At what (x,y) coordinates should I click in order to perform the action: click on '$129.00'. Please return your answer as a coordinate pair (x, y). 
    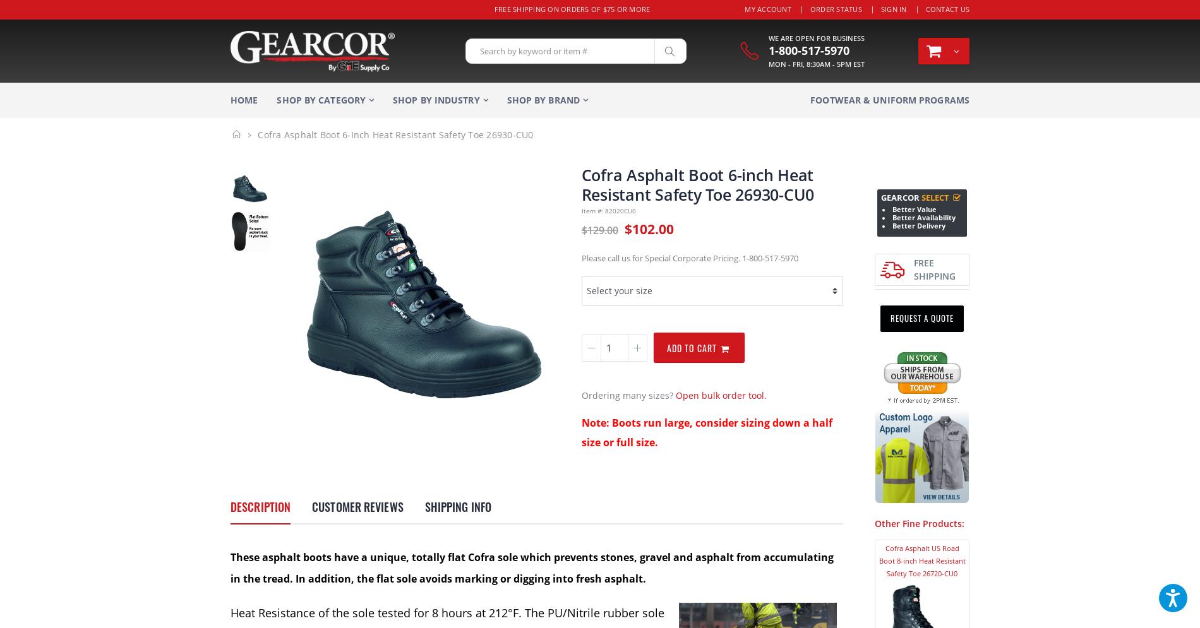
    Looking at the image, I should click on (599, 229).